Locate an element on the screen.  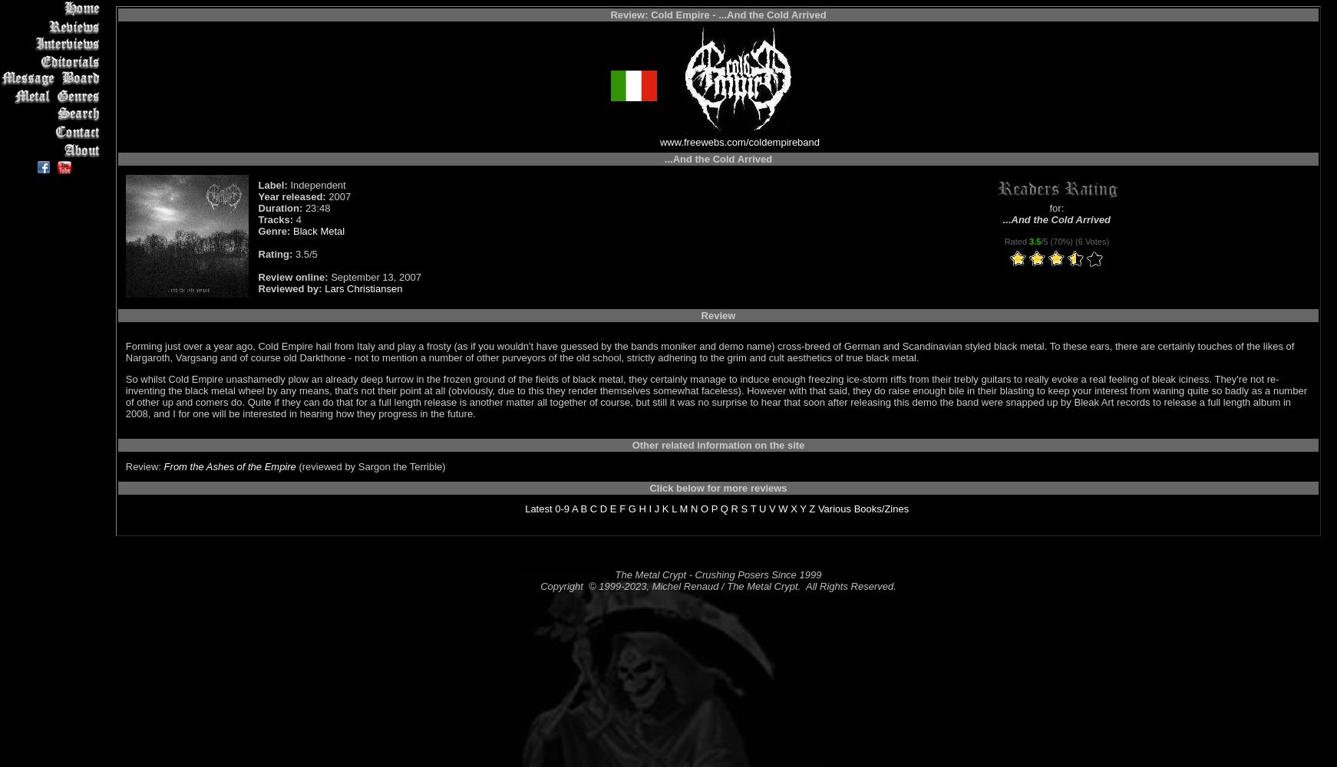
'G' is located at coordinates (631, 509).